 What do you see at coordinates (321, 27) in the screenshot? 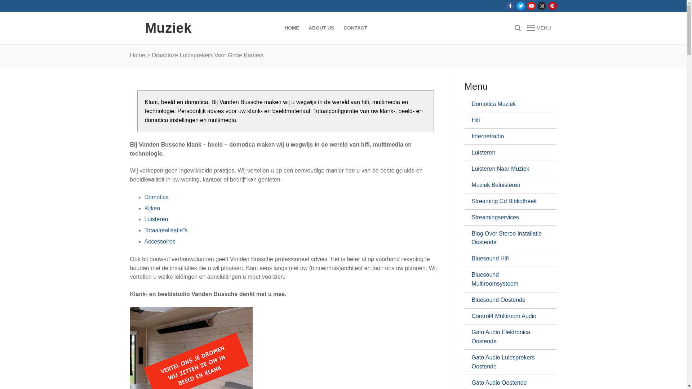
I see `'ABOUT US'` at bounding box center [321, 27].